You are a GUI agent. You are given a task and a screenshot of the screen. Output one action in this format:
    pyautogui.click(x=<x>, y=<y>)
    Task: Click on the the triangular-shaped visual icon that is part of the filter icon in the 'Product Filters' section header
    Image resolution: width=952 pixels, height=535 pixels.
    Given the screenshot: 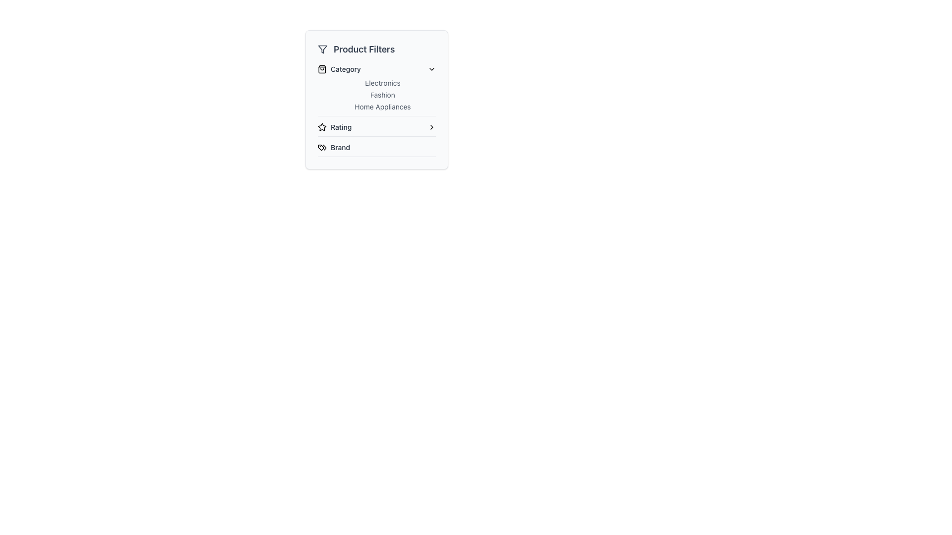 What is the action you would take?
    pyautogui.click(x=323, y=50)
    